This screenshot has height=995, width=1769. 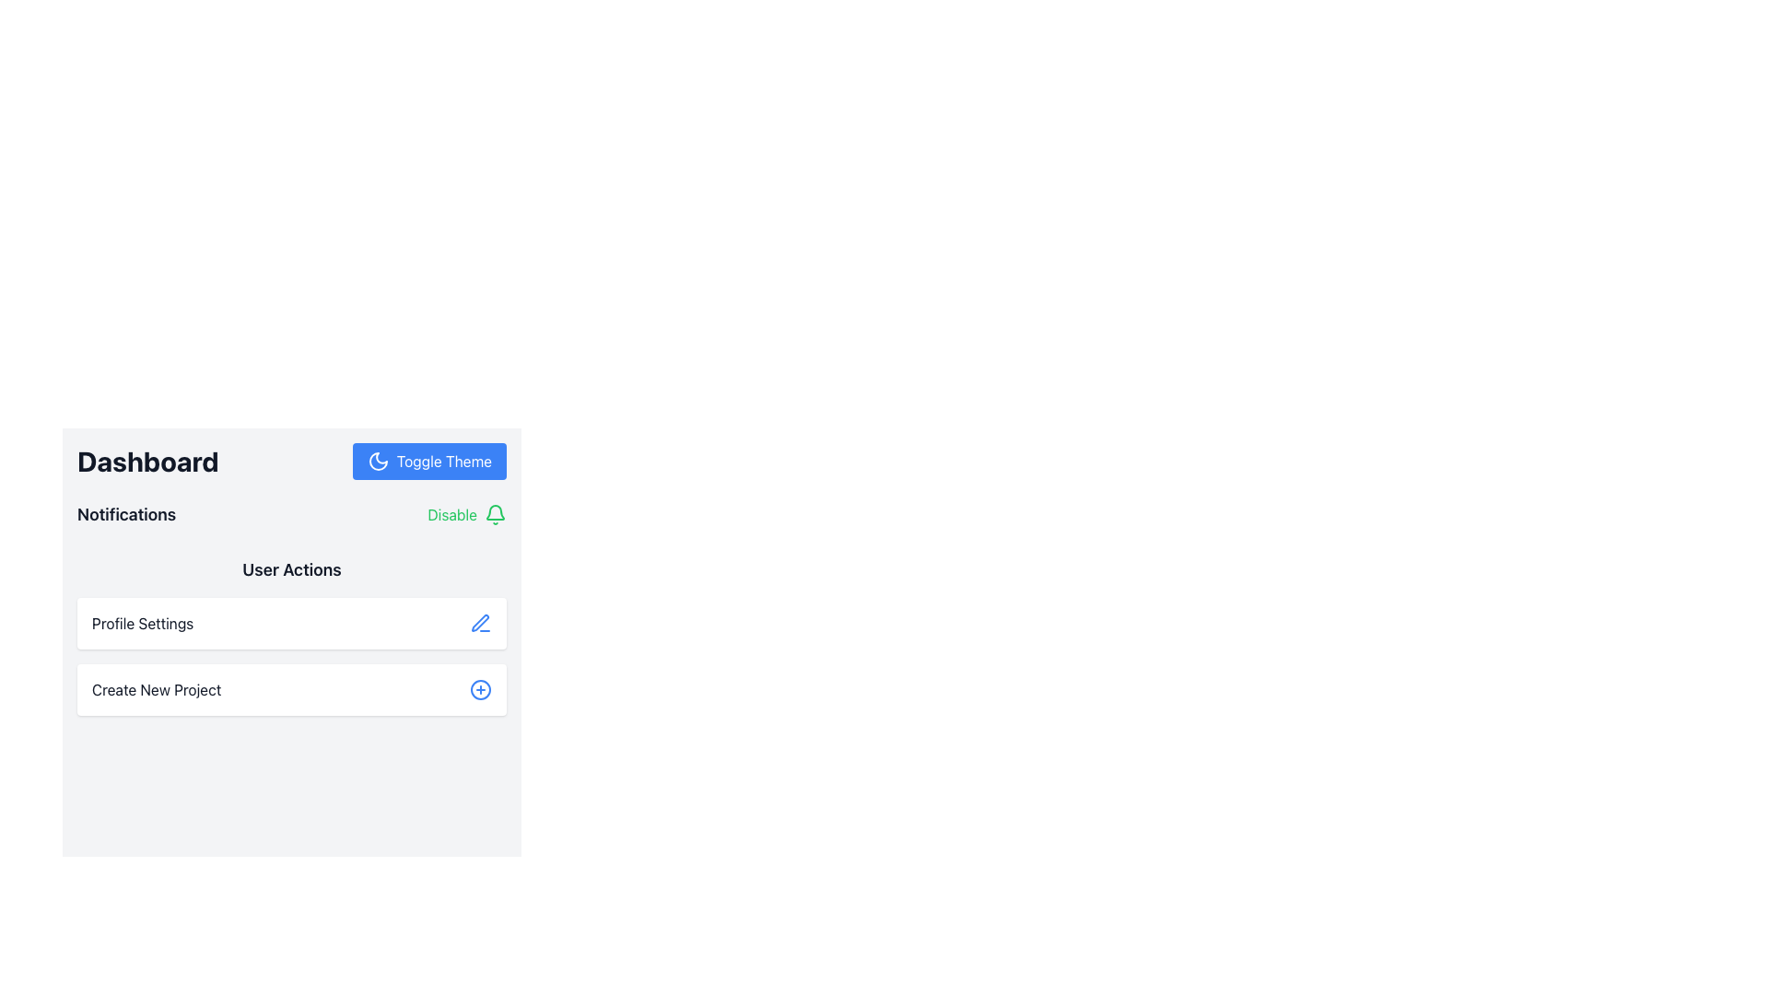 I want to click on the Text label that serves as a header under the 'Notifications' section, located above 'Profile Settings' and 'Create New Project', so click(x=290, y=568).